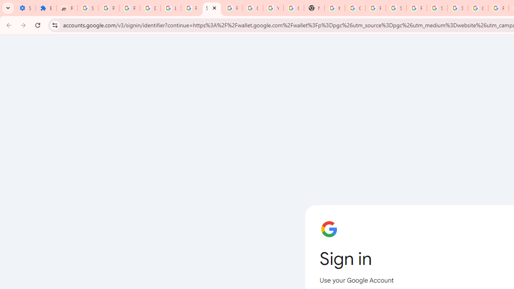  Describe the element at coordinates (45, 8) in the screenshot. I see `'Extensions'` at that location.